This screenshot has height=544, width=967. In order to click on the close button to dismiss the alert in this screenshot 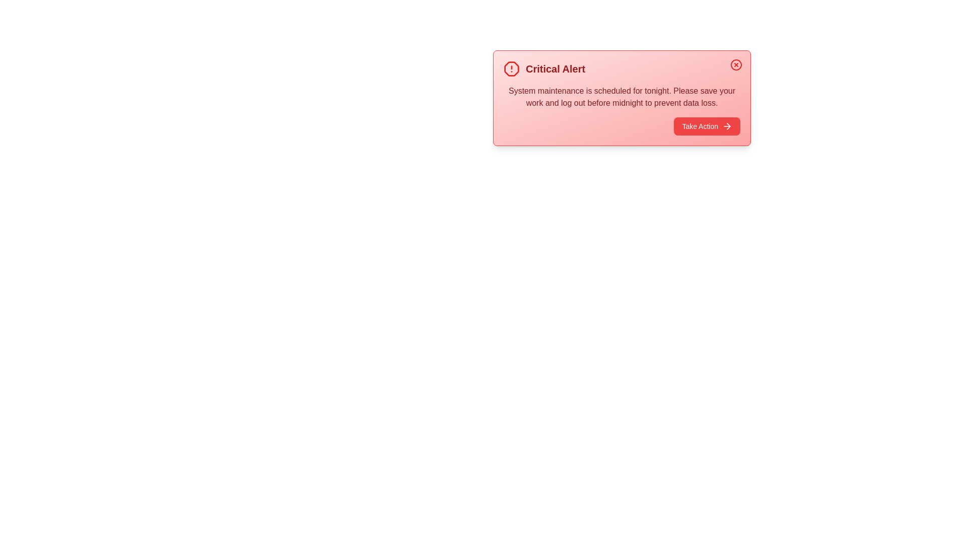, I will do `click(736, 64)`.